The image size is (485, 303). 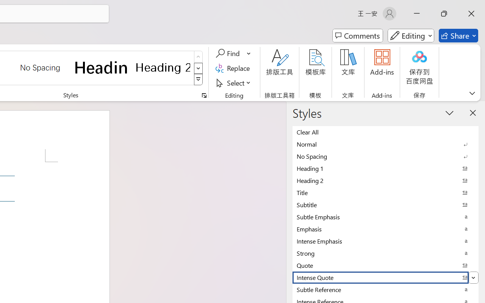 I want to click on 'Clear All', so click(x=385, y=132).